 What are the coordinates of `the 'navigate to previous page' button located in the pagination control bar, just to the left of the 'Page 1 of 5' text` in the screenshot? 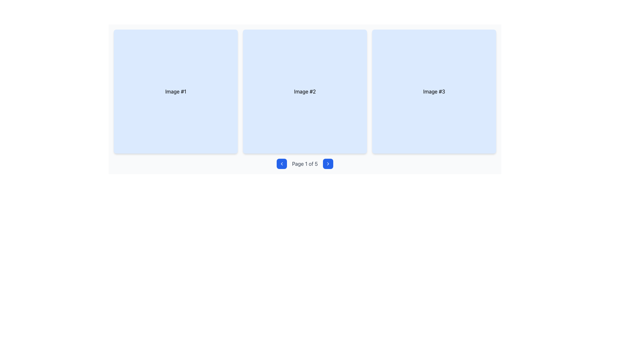 It's located at (282, 163).